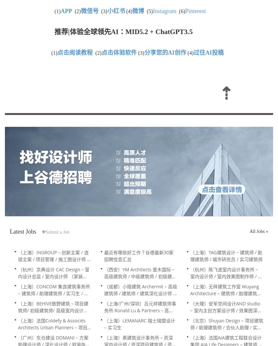  What do you see at coordinates (164, 53) in the screenshot?
I see `'分享您的AI创作'` at bounding box center [164, 53].